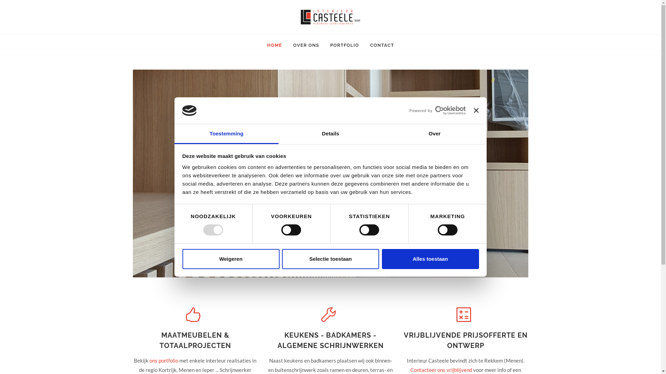  I want to click on 'PORTFOLIO', so click(344, 45).